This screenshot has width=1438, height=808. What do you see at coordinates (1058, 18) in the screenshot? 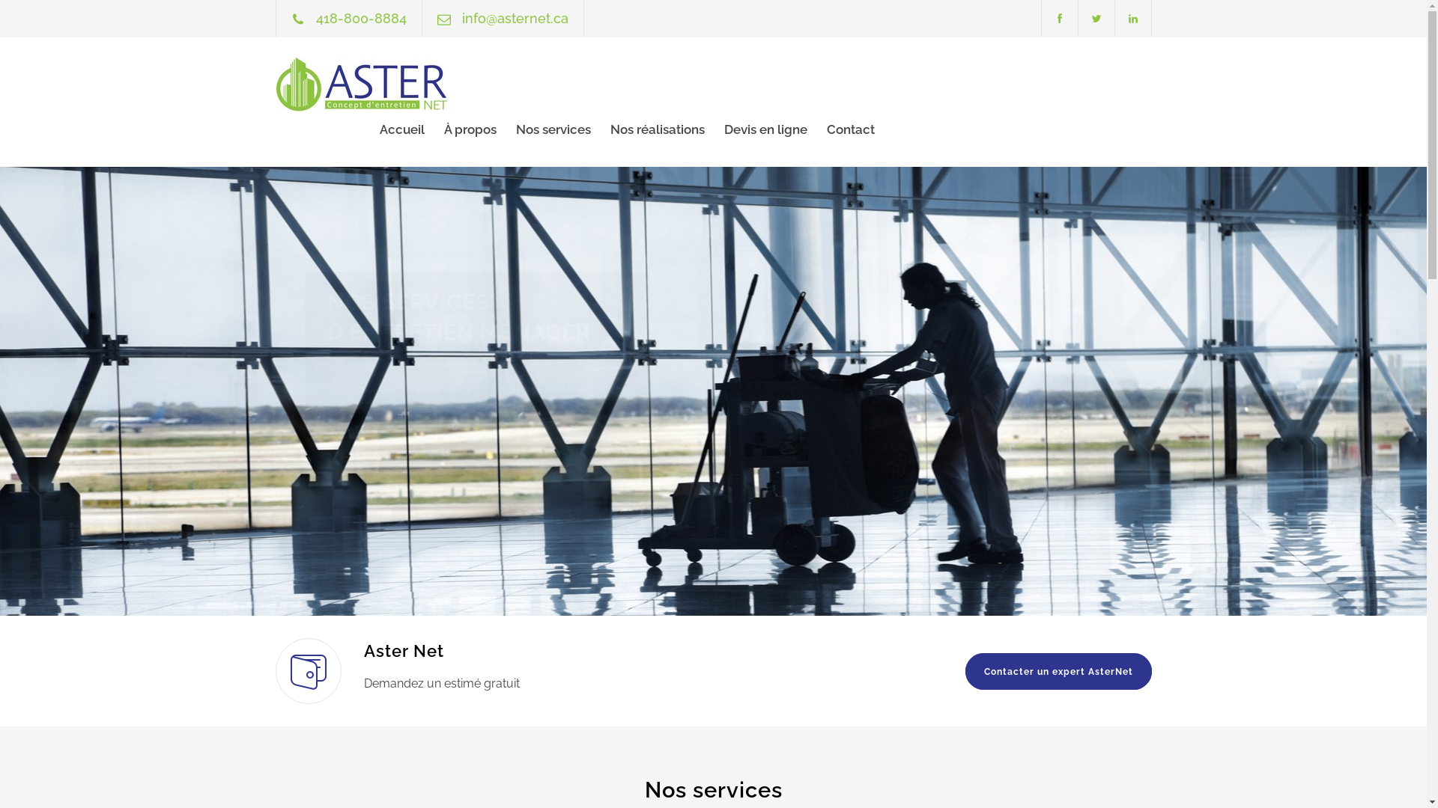
I see `'facebook'` at bounding box center [1058, 18].